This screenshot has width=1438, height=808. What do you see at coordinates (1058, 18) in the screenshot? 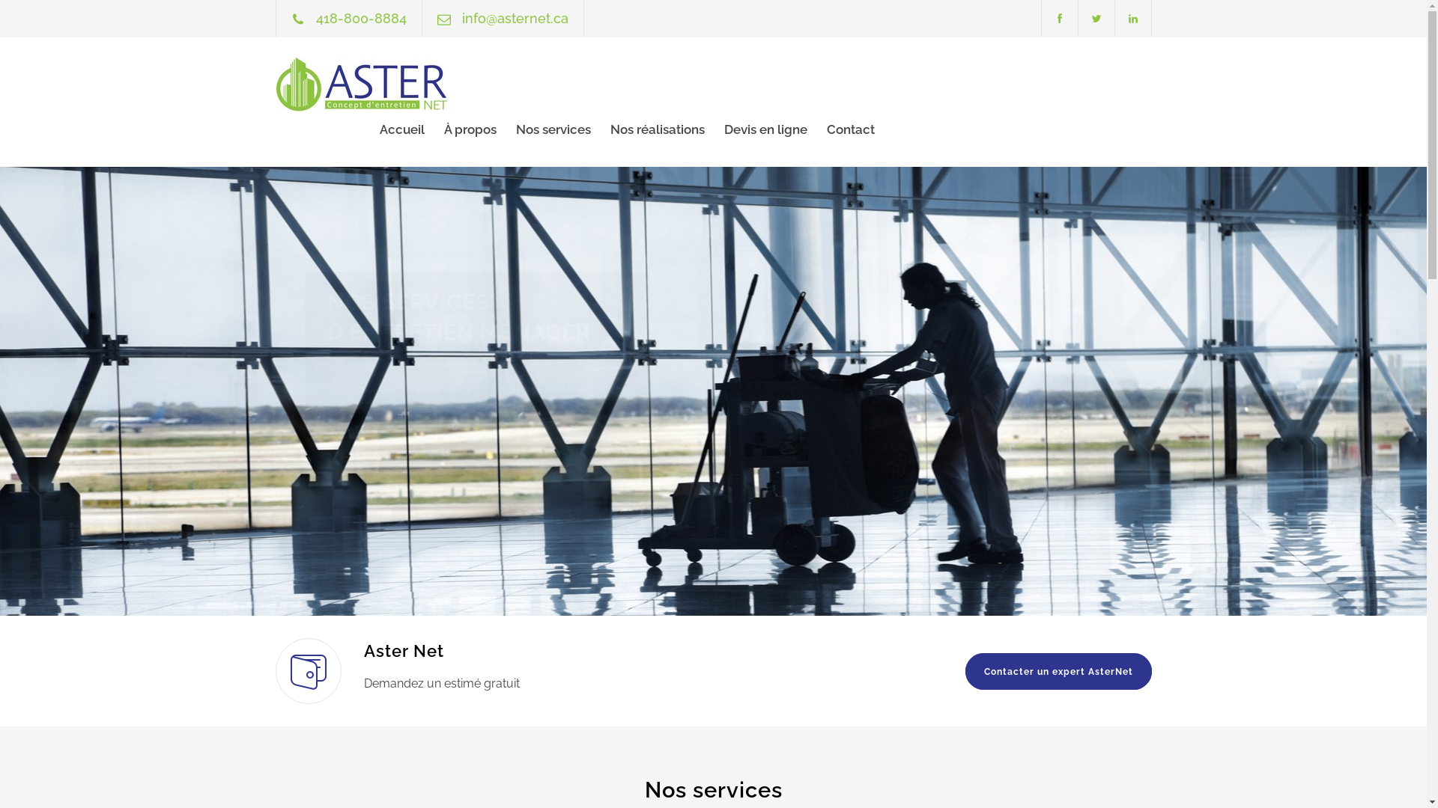
I see `'facebook'` at bounding box center [1058, 18].